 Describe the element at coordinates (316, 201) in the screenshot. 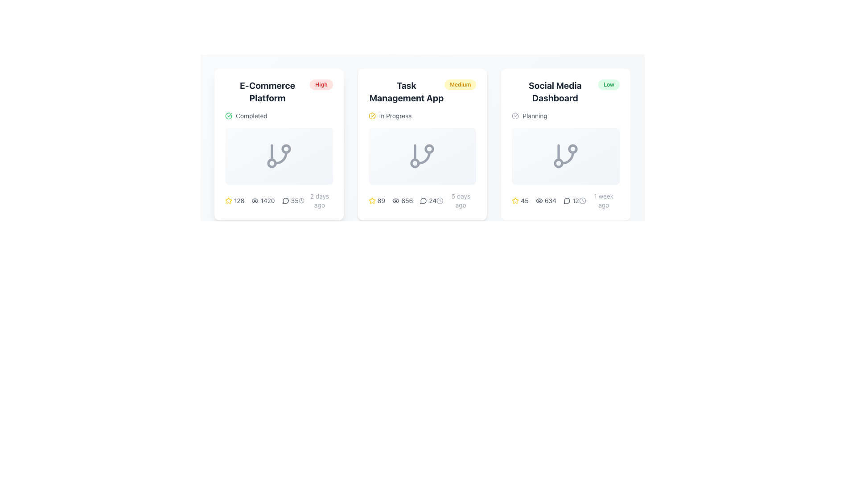

I see `the static informational text element displaying the time since the last activity, located in the bottom-right corner of the 'E-Commerce Platform' card` at that location.